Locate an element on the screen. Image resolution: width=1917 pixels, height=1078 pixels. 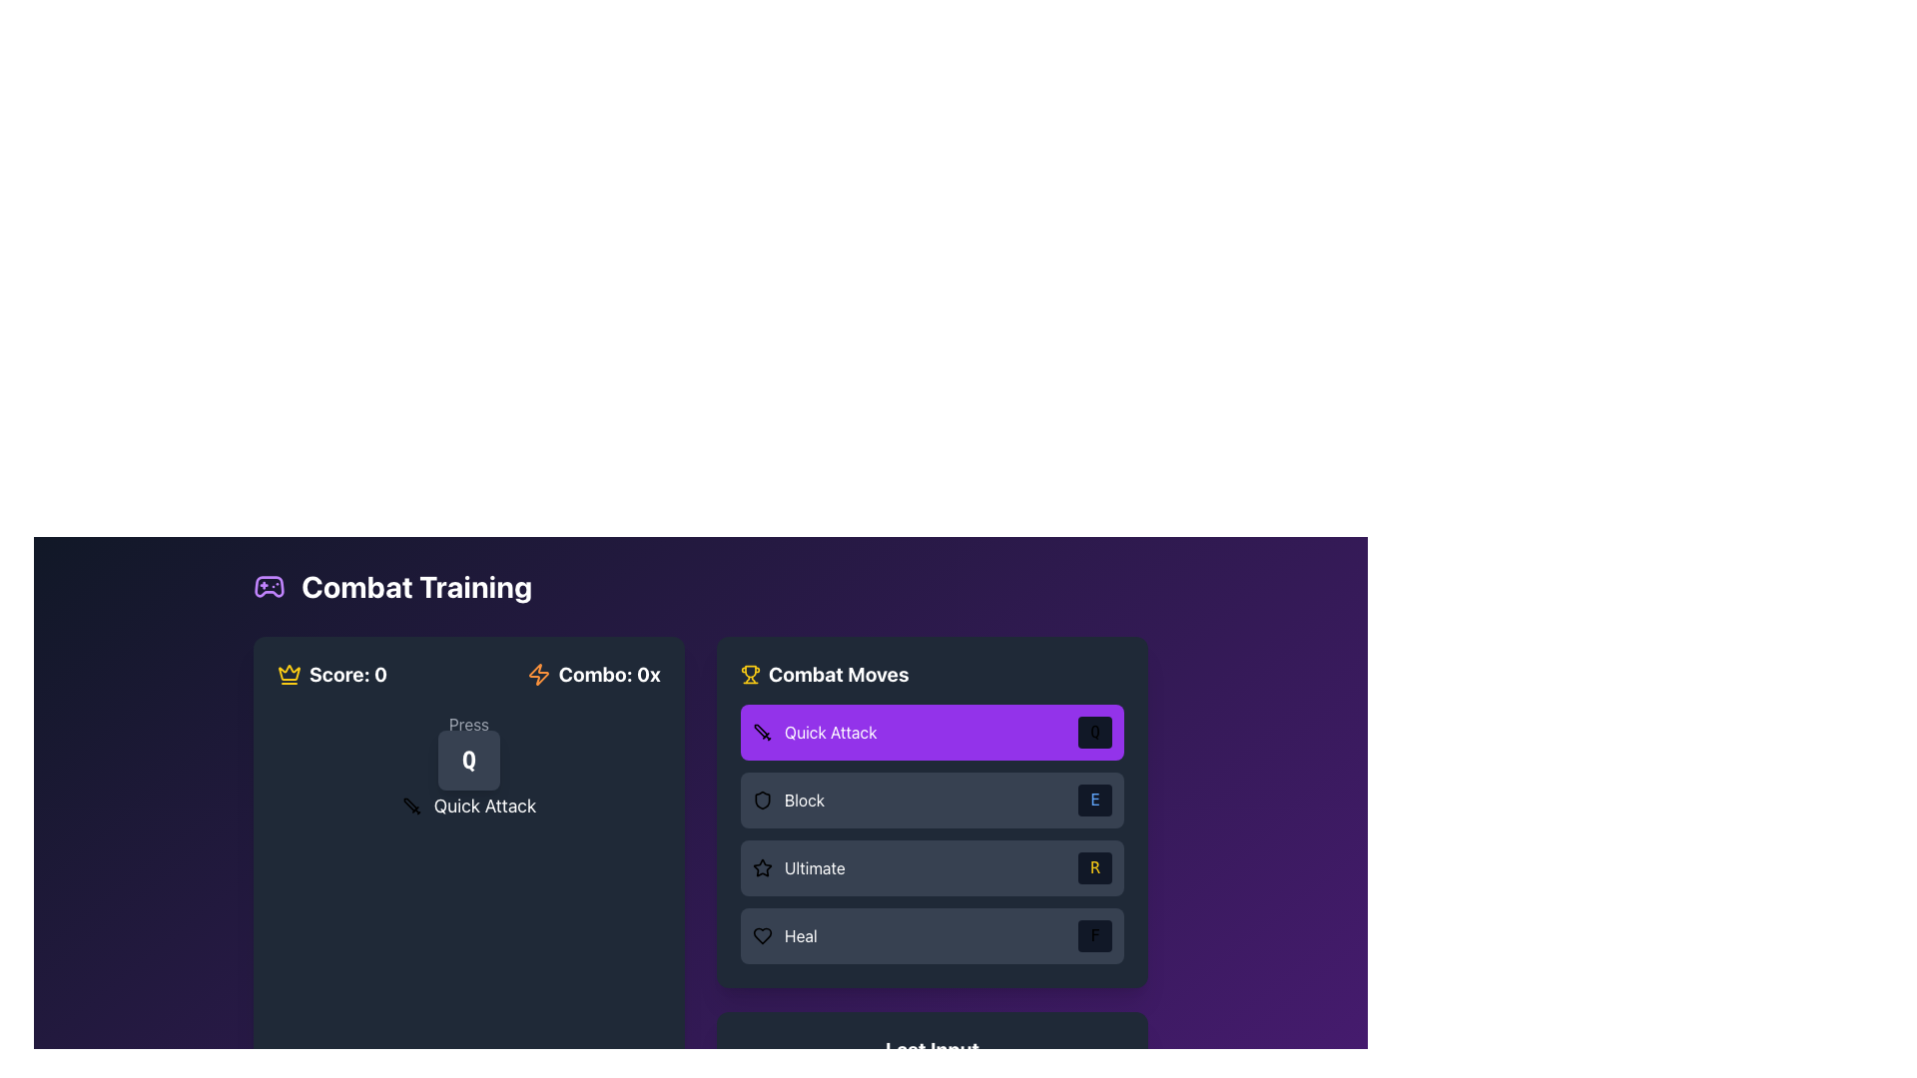
the Label providing instructions for the button below it in the Combat Training section, located above the prominent button labeled 'Q' is located at coordinates (468, 724).